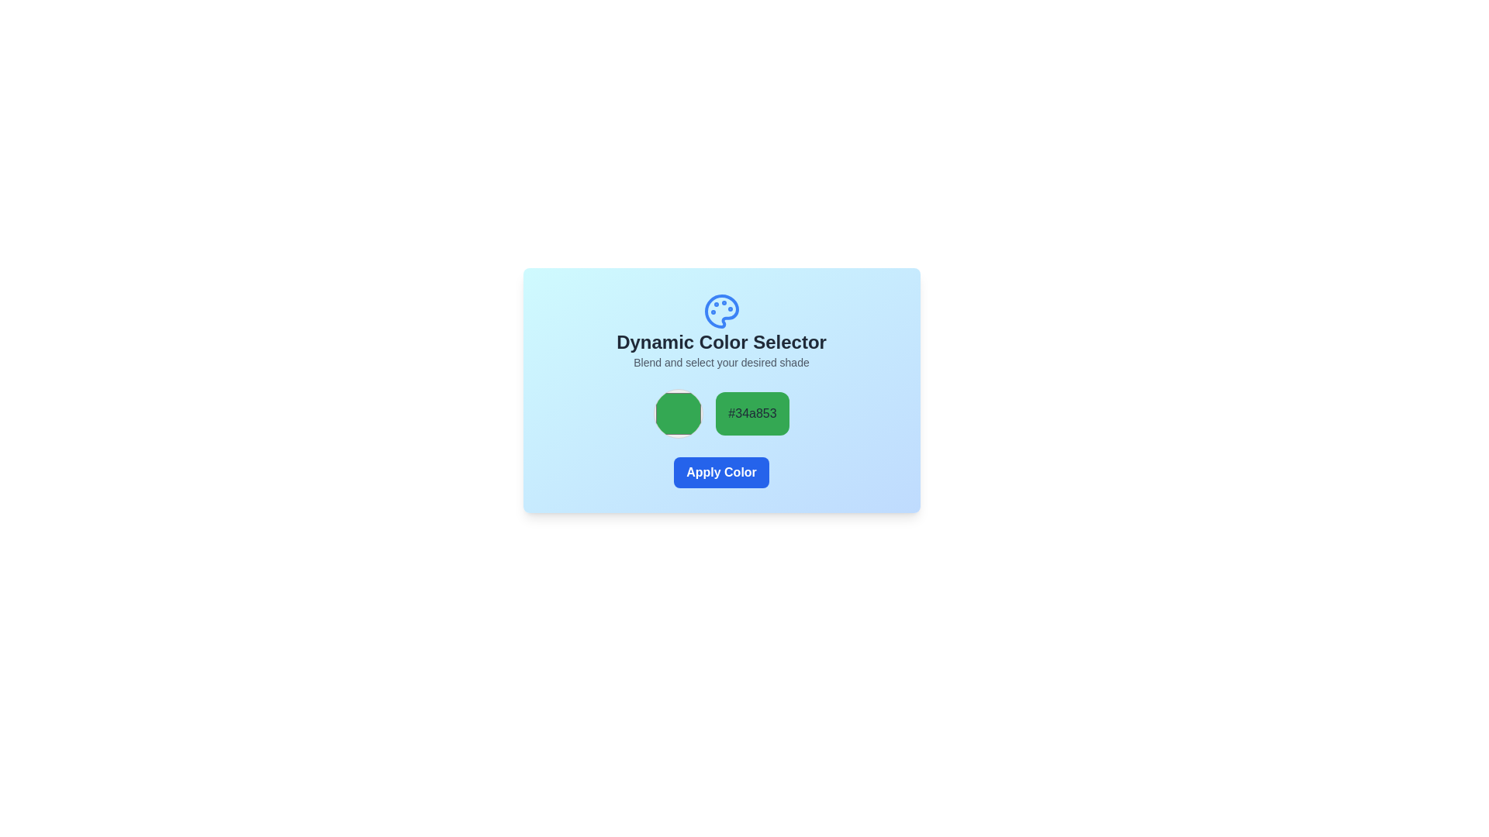 The width and height of the screenshot is (1489, 837). I want to click on the static header text label that signifies the purpose of the color selection tool, located below the palette icon in the header section of the UI, so click(720, 342).